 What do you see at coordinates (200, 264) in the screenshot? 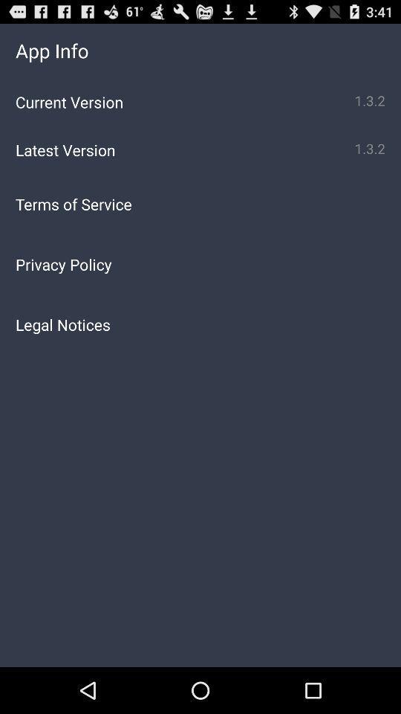
I see `the privacy policy item` at bounding box center [200, 264].